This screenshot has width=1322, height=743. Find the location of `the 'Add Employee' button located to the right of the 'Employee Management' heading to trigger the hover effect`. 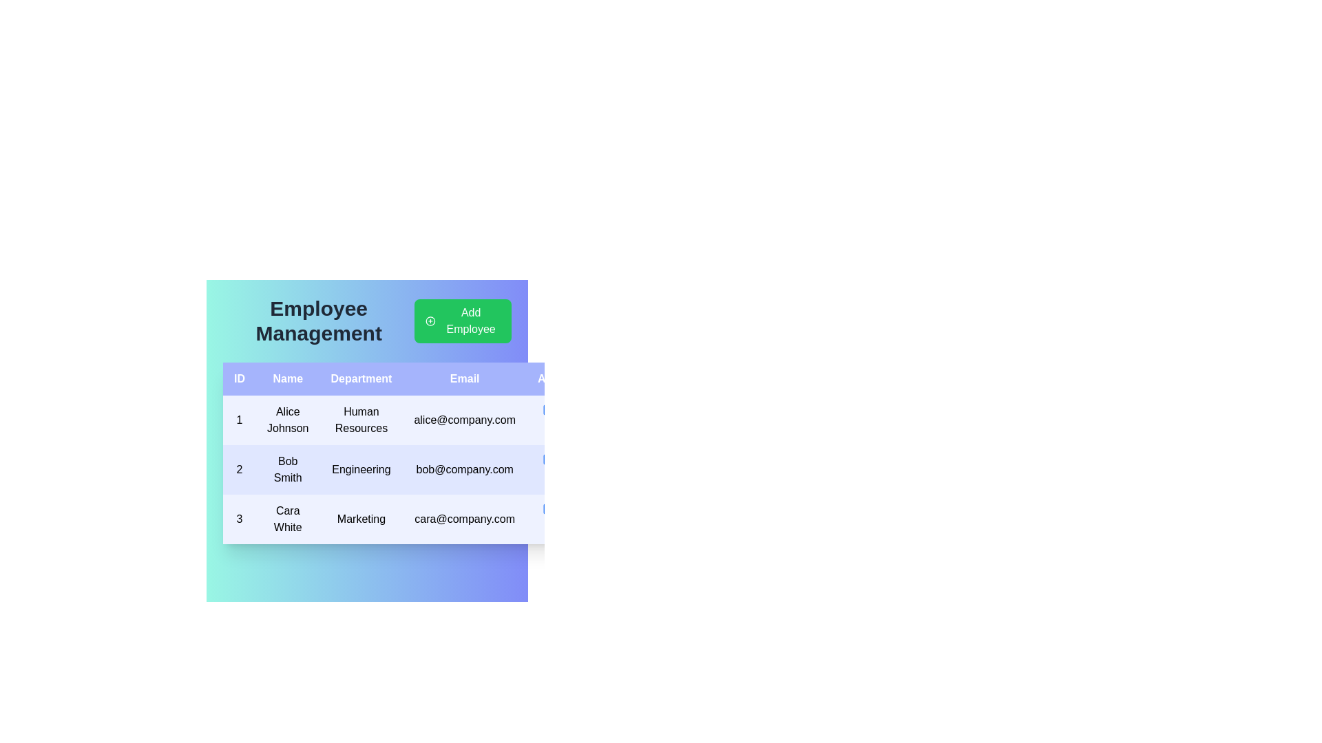

the 'Add Employee' button located to the right of the 'Employee Management' heading to trigger the hover effect is located at coordinates (463, 321).